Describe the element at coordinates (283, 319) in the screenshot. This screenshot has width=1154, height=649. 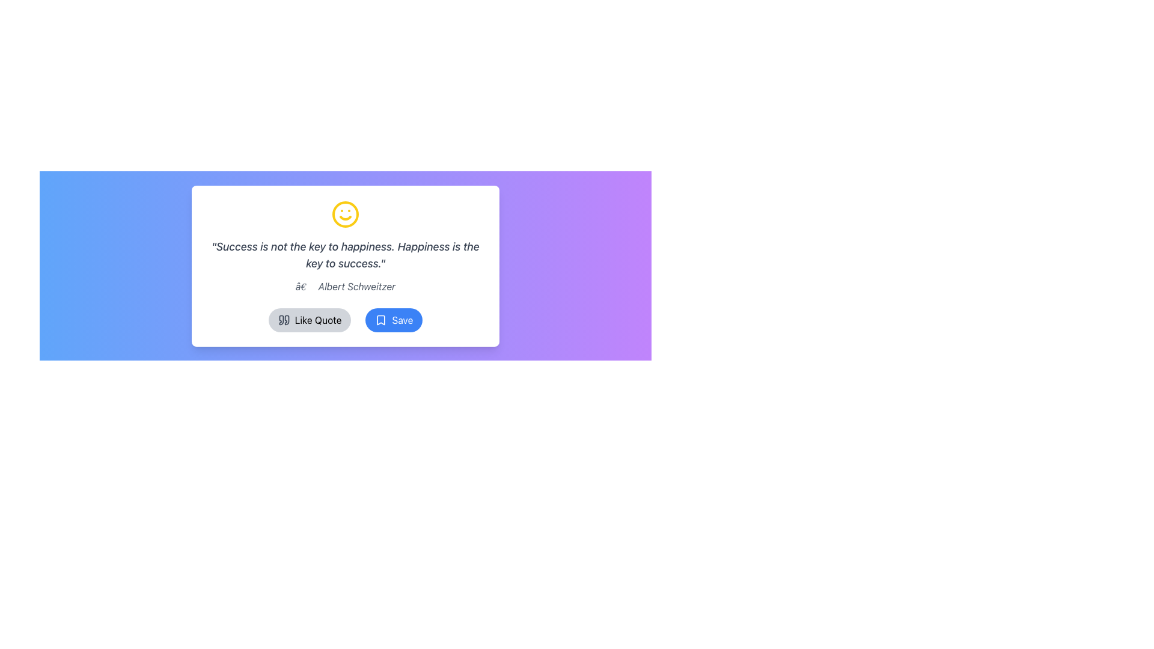
I see `the 'Like Quote' button which contains a pair of stylized quotation marks on its left side to interact with the quote feature` at that location.